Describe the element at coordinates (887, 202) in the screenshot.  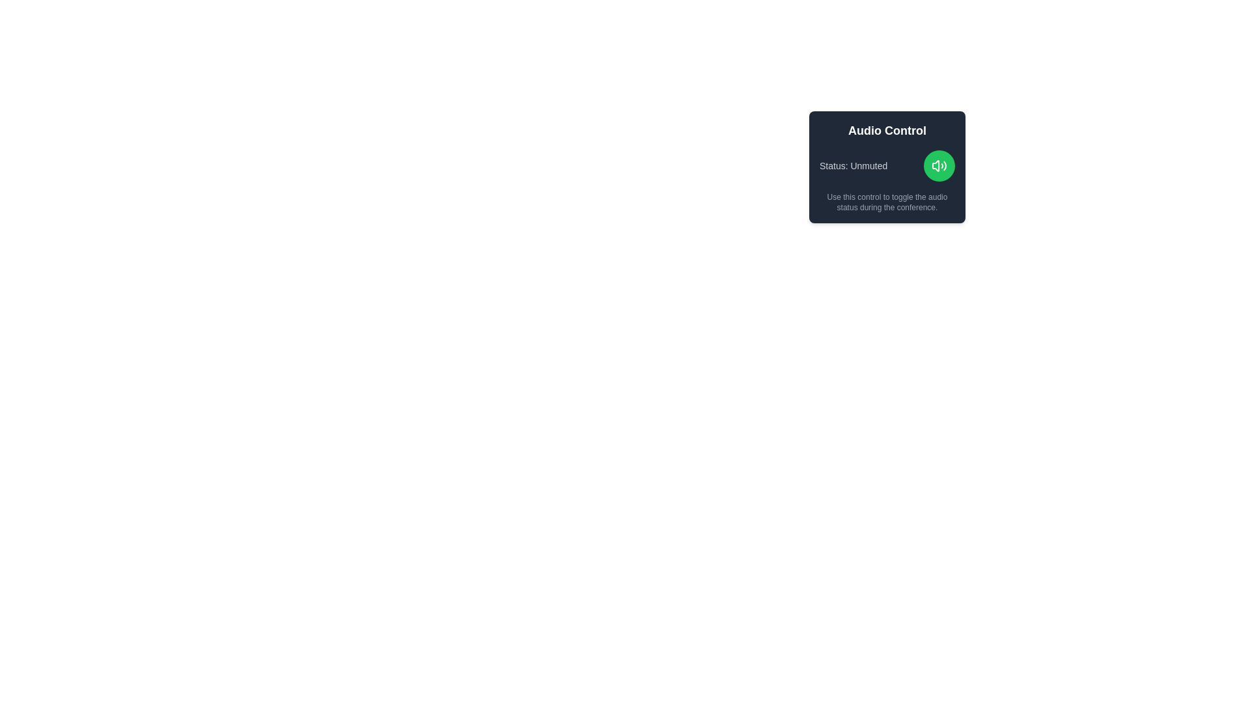
I see `the static text element that reads 'Use this control to toggle the audio status during the conference.', which is located within the 'Audio Control' card below the 'Status: Unmuted' label` at that location.